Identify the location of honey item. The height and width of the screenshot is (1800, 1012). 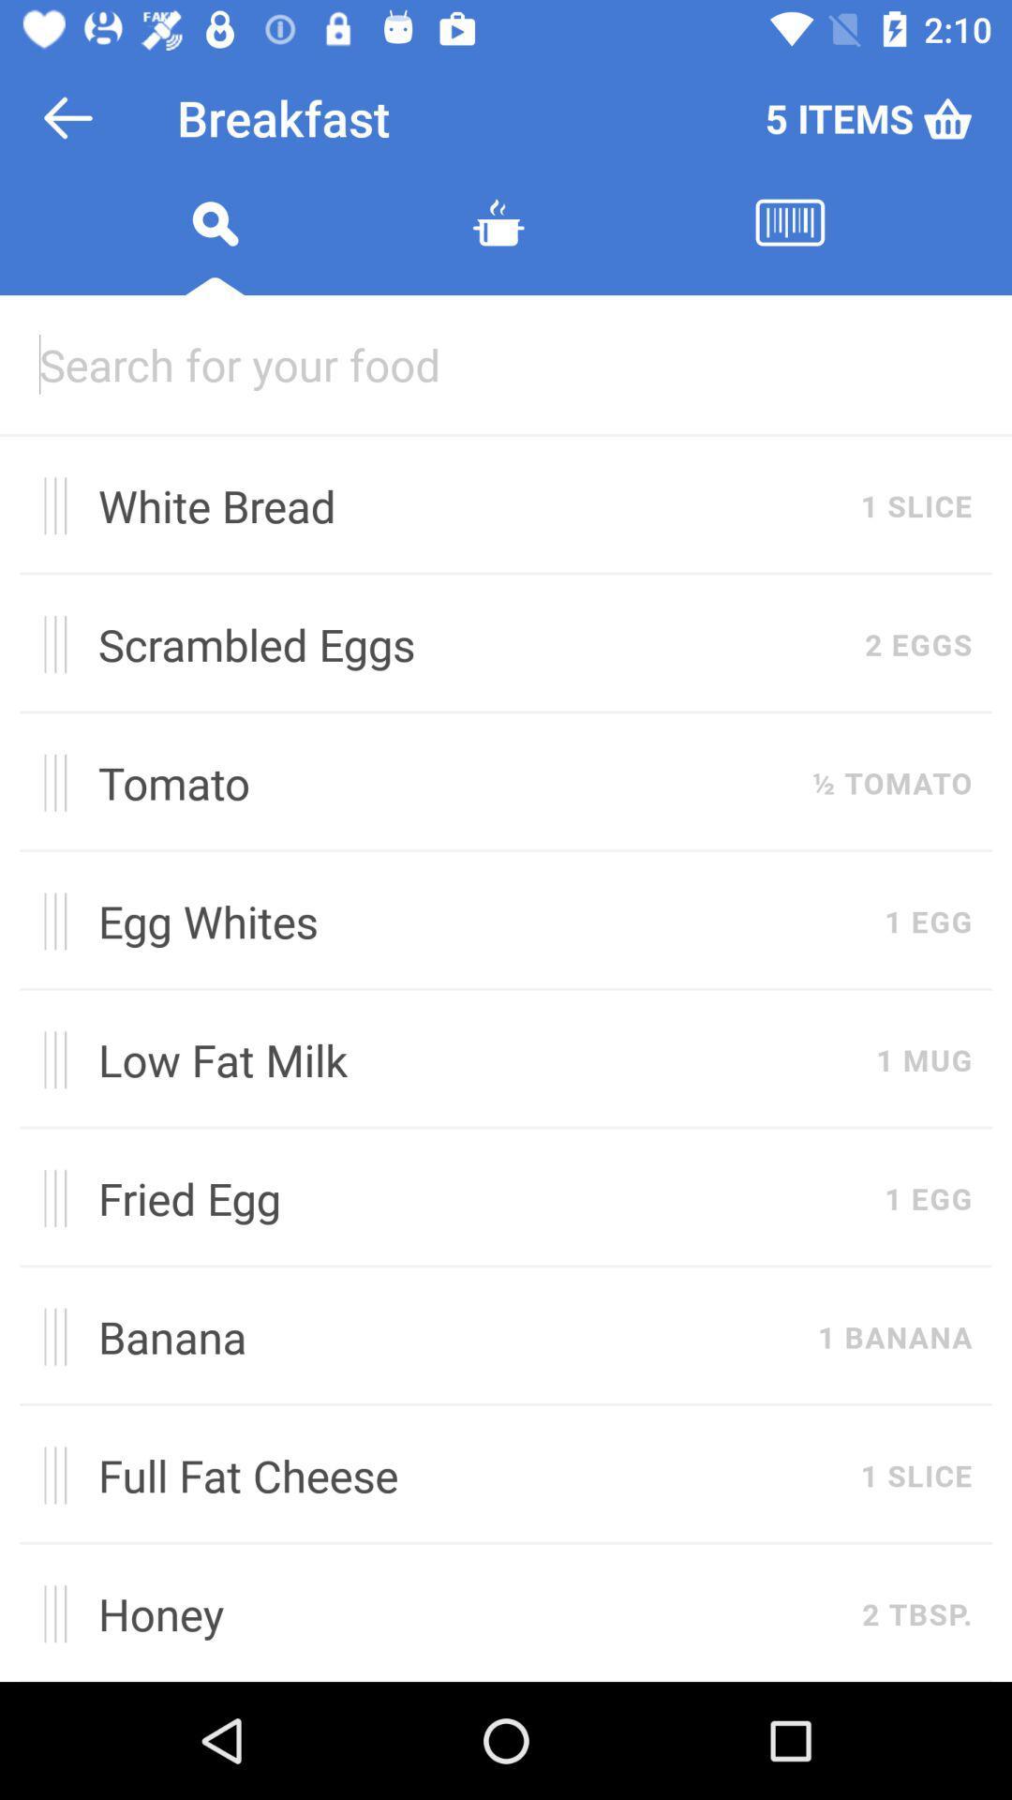
(469, 1612).